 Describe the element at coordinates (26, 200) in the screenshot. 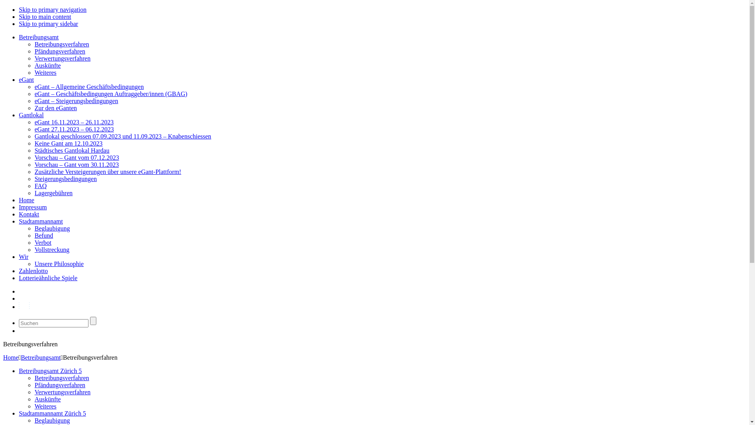

I see `'Home'` at that location.